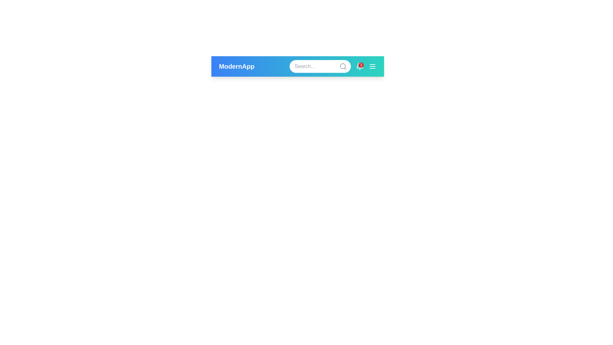  Describe the element at coordinates (372, 66) in the screenshot. I see `the menu button to open the menu` at that location.